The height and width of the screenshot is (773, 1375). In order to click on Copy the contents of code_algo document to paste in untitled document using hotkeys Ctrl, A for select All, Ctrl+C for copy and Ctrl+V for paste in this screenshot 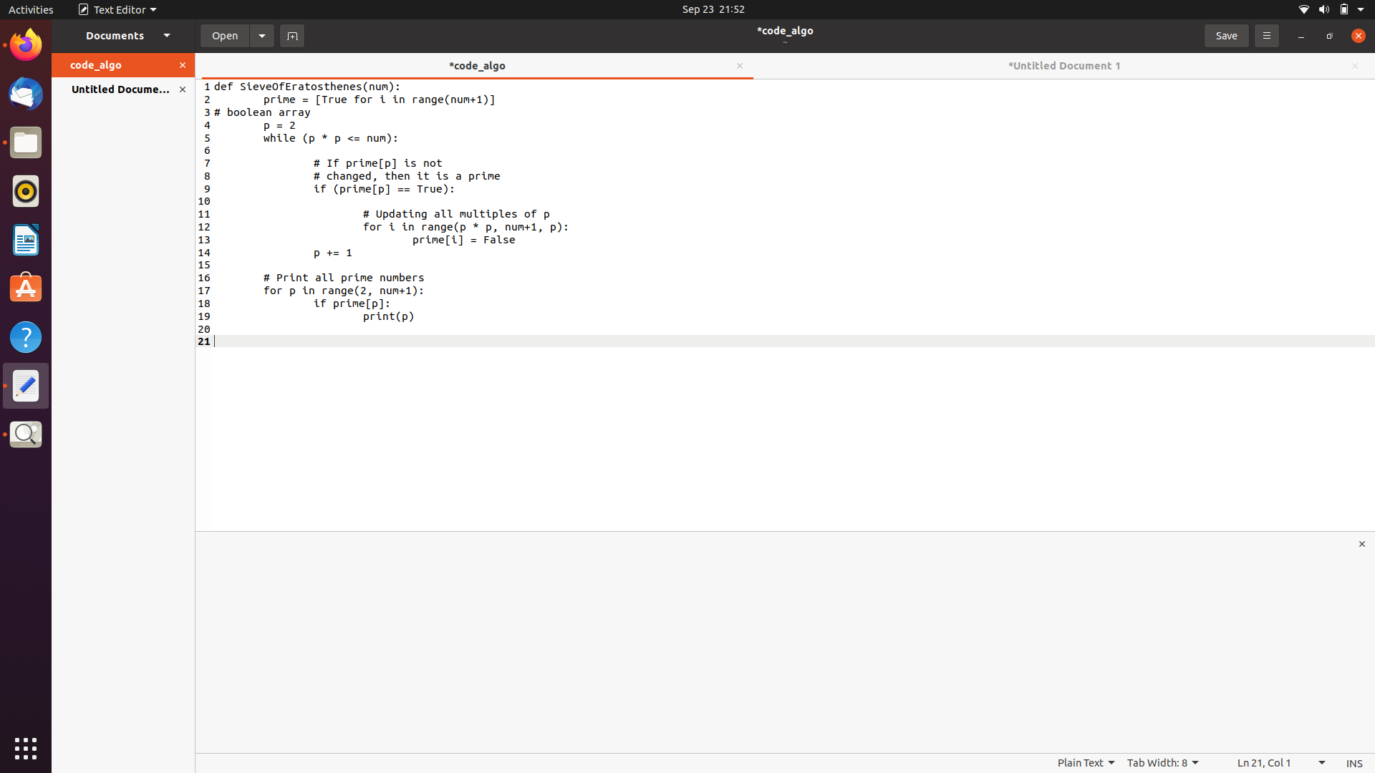, I will do `click(274, 112)`.